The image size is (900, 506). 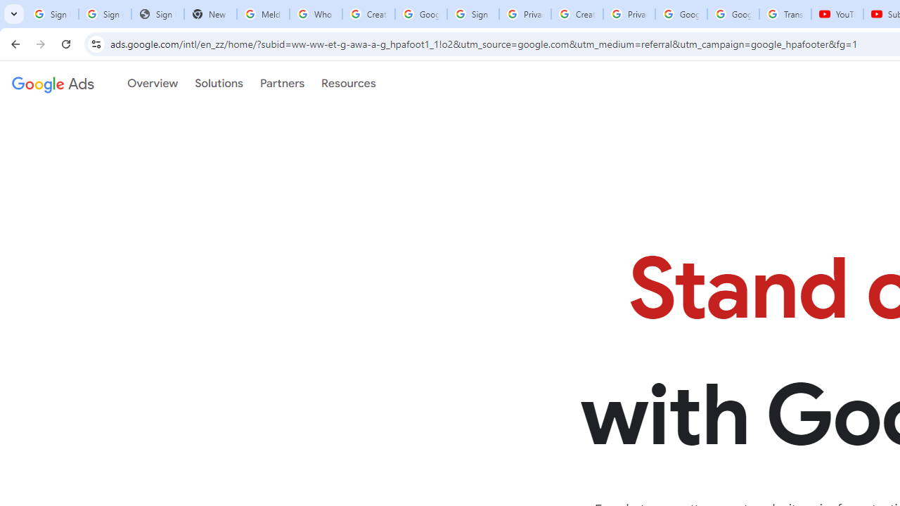 I want to click on 'Google Ads', so click(x=53, y=84).